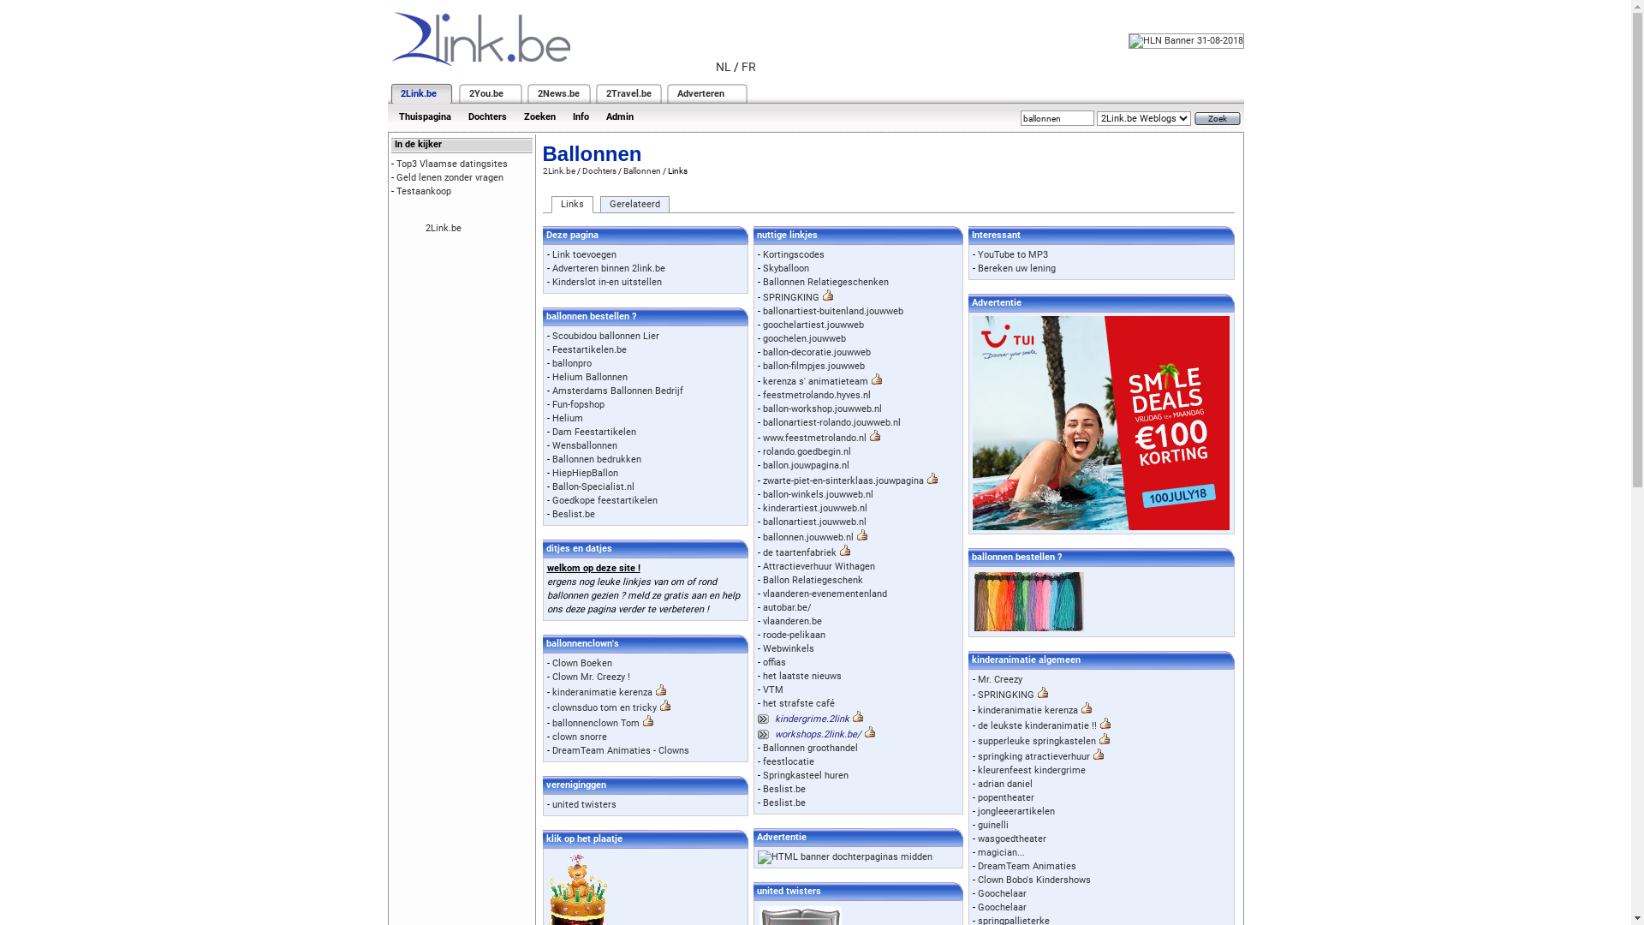 The height and width of the screenshot is (925, 1644). What do you see at coordinates (584, 473) in the screenshot?
I see `'HiepHiepBallon'` at bounding box center [584, 473].